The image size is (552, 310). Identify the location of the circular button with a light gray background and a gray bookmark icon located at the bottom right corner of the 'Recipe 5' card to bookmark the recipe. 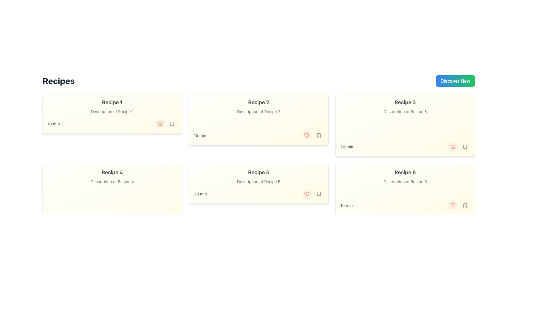
(318, 194).